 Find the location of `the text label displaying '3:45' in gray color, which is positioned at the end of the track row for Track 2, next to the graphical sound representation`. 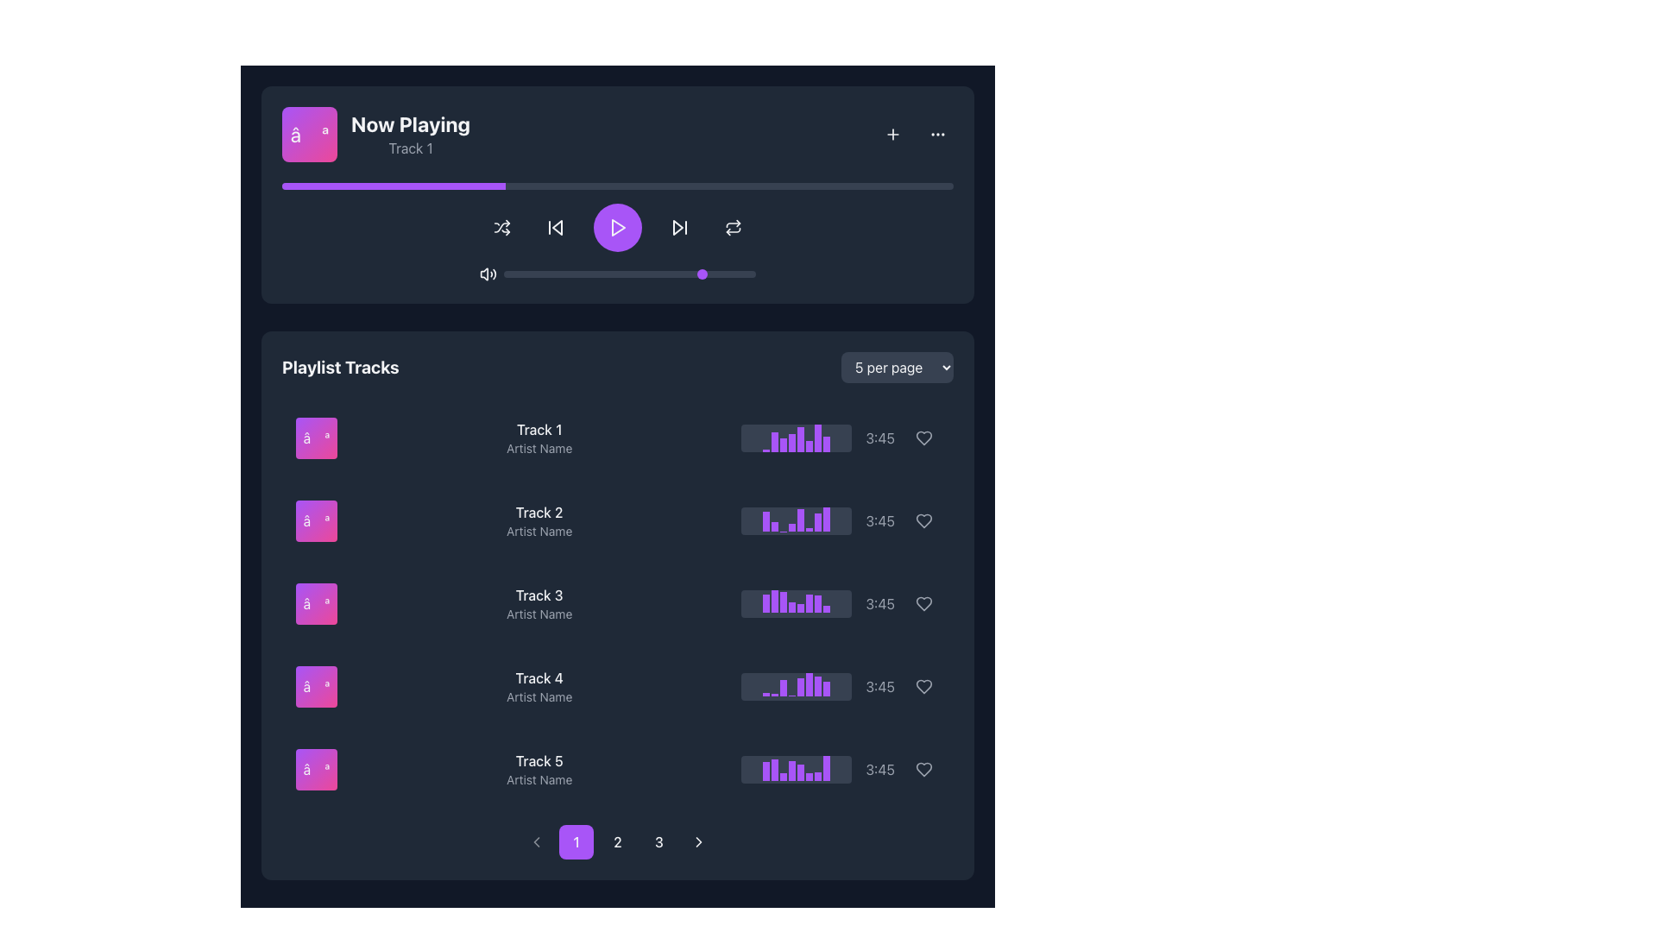

the text label displaying '3:45' in gray color, which is positioned at the end of the track row for Track 2, next to the graphical sound representation is located at coordinates (880, 520).